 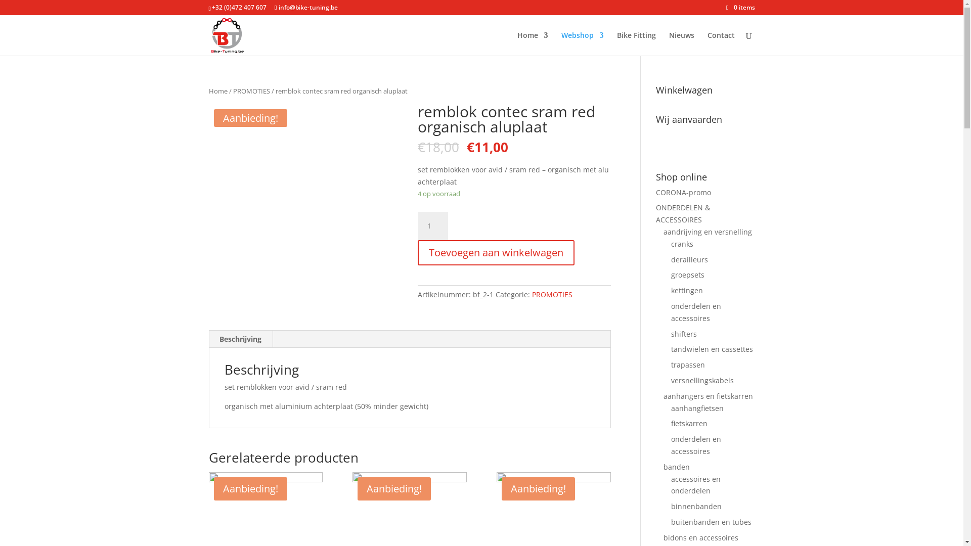 I want to click on 'Aantal', so click(x=432, y=225).